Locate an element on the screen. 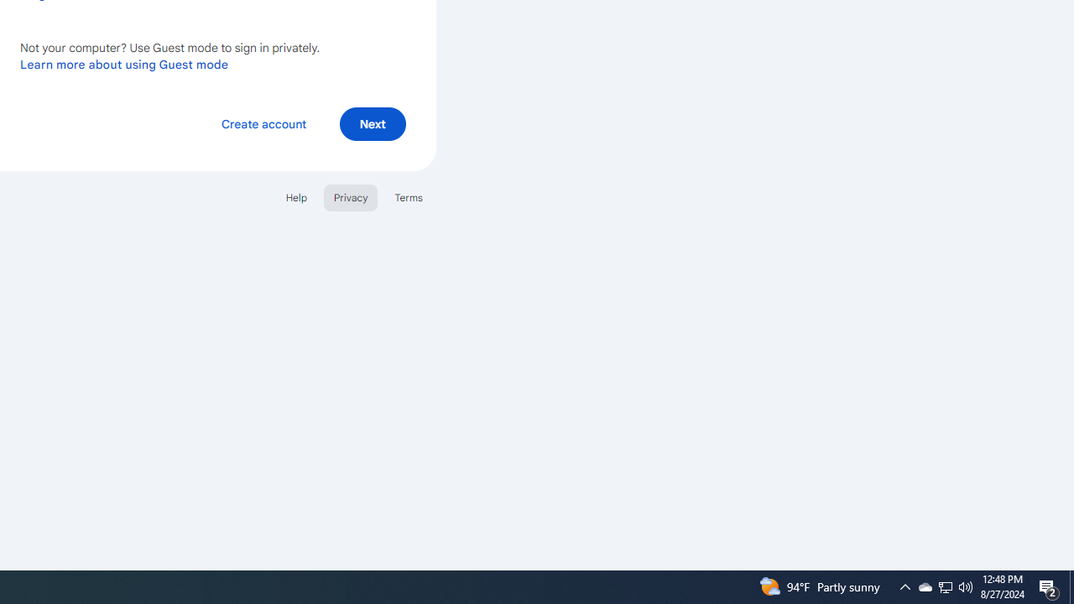 This screenshot has width=1074, height=604. 'Learn more about using Guest mode' is located at coordinates (123, 63).